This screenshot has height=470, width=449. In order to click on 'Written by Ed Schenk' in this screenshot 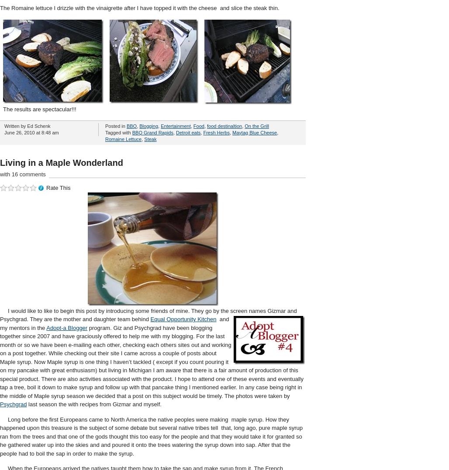, I will do `click(27, 125)`.